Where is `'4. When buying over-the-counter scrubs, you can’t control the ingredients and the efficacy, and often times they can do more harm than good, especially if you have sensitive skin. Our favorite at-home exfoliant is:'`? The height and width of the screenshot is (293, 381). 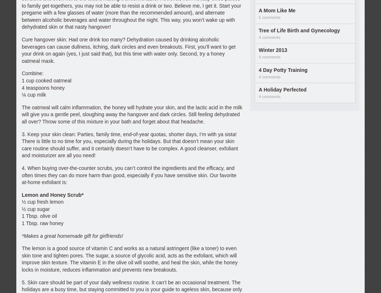
'4. When buying over-the-counter scrubs, you can’t control the ingredients and the efficacy, and often times they can do more harm than good, especially if you have sensitive skin. Our favorite at-home exfoliant is:' is located at coordinates (128, 175).